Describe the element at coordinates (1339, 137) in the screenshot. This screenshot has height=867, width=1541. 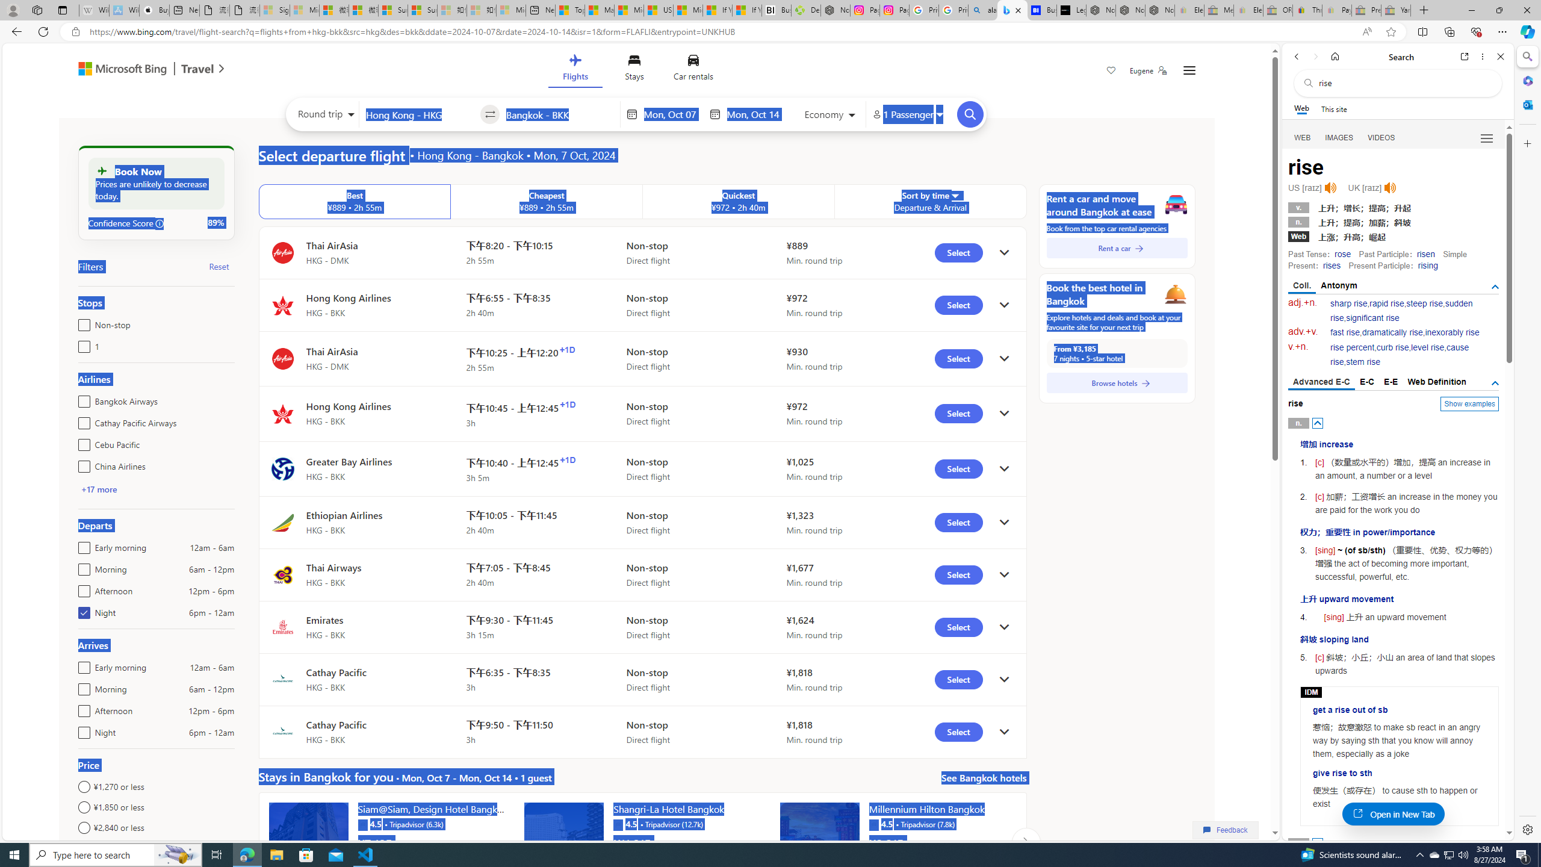
I see `'Search Filter, IMAGES'` at that location.